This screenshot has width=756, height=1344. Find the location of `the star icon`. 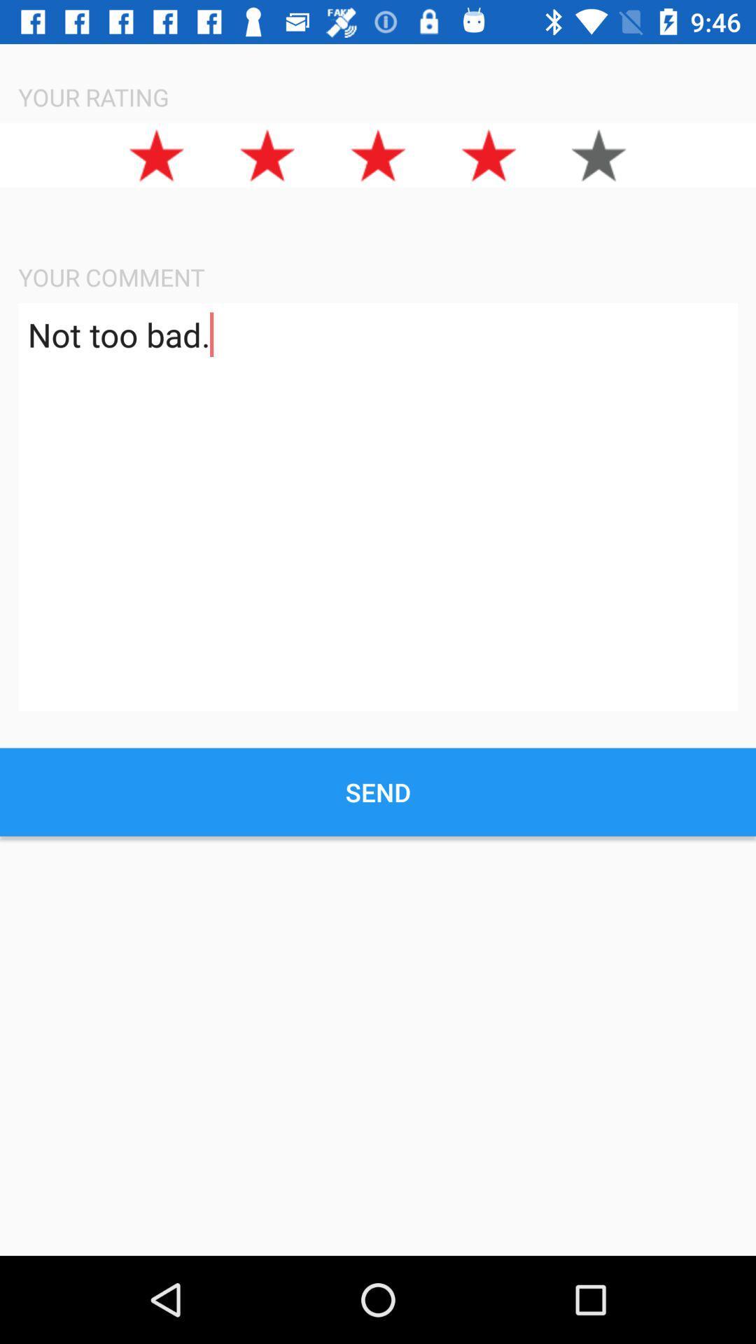

the star icon is located at coordinates (156, 155).